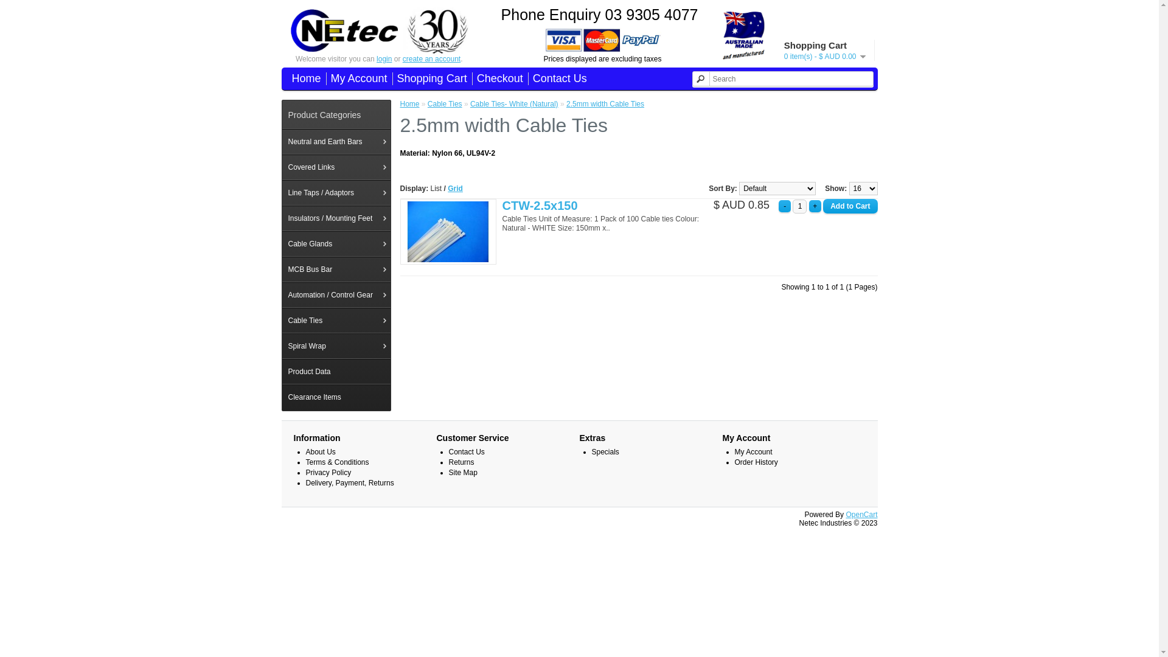 Image resolution: width=1168 pixels, height=657 pixels. I want to click on 'Paypal Secure Payment System', so click(603, 39).